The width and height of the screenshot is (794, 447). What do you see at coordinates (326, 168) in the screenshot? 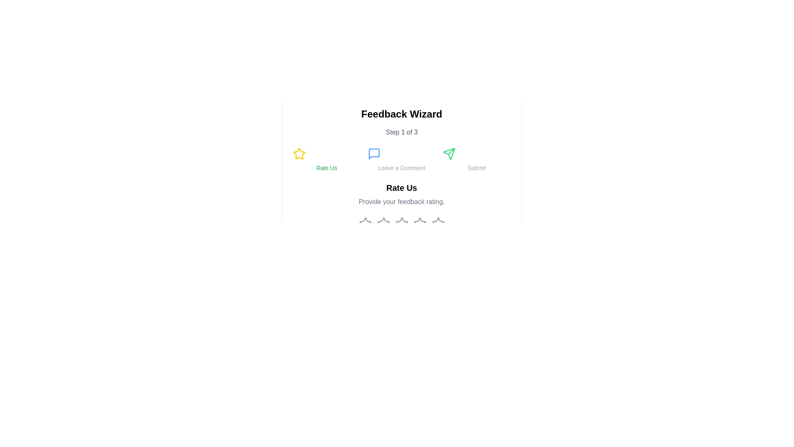
I see `the 'Rate Us' static text label, which is displayed in a green font and is part of the user feedback section, located beneath a yellow star icon` at bounding box center [326, 168].